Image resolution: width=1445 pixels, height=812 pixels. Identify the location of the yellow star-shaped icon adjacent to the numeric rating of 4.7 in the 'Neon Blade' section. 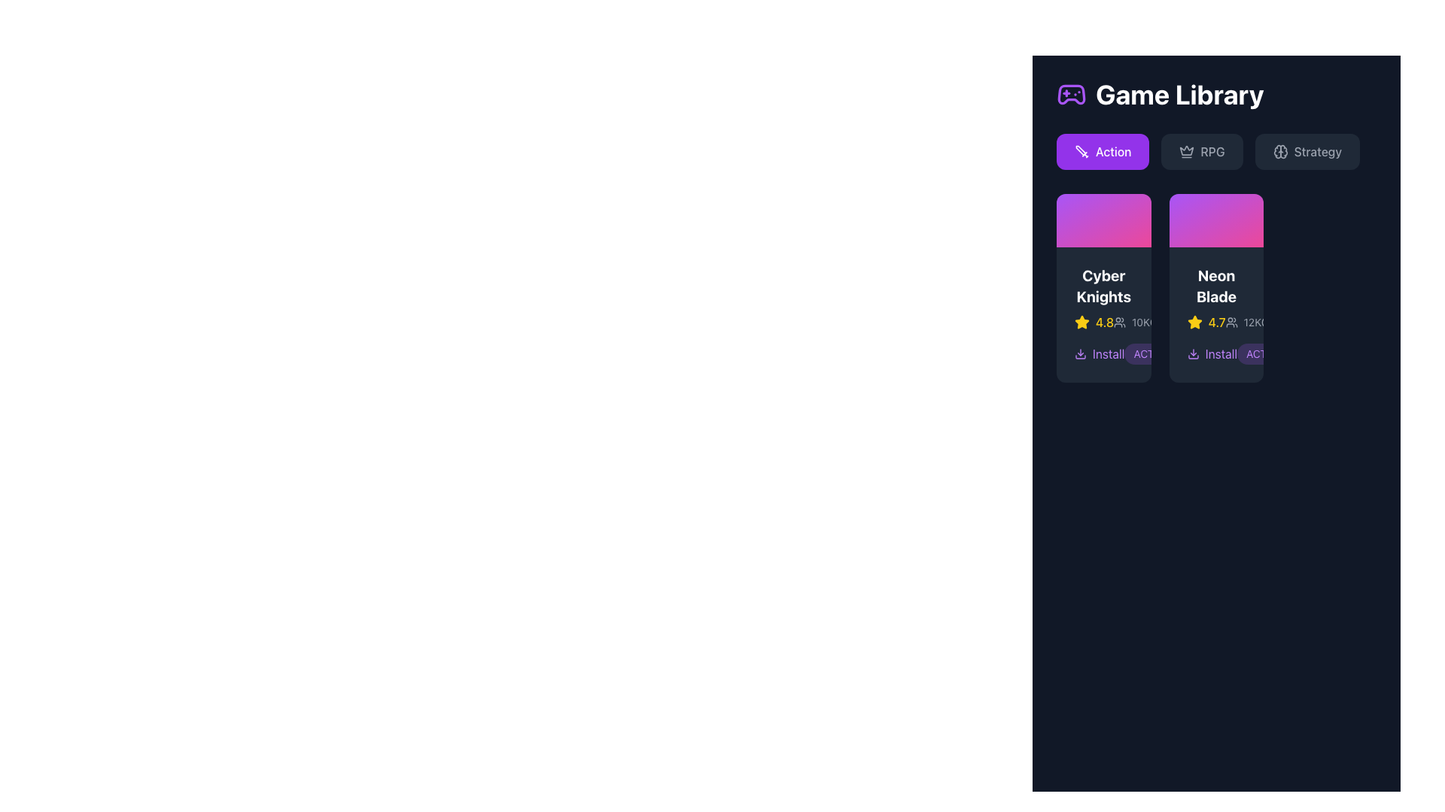
(1194, 321).